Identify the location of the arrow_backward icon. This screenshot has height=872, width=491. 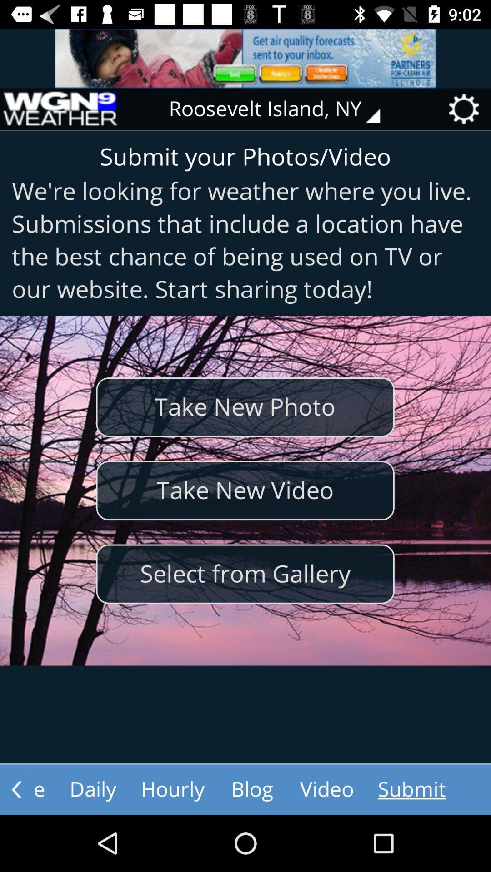
(16, 789).